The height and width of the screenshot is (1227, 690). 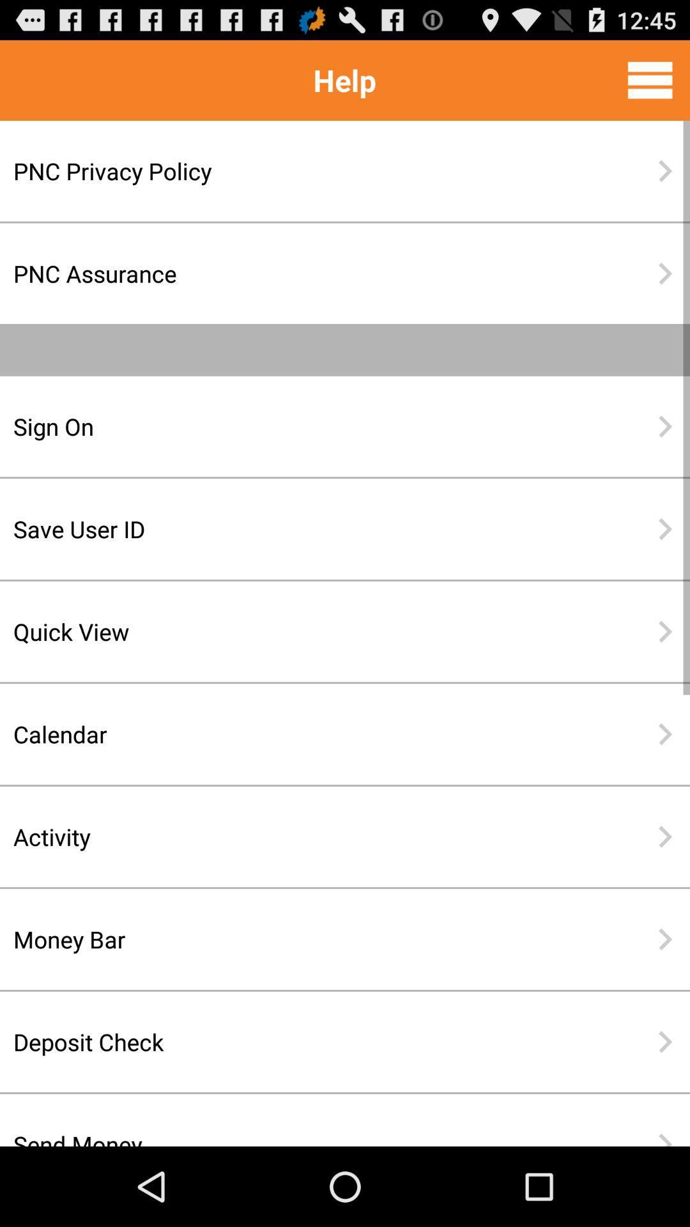 What do you see at coordinates (664, 837) in the screenshot?
I see `icon to the right of activity icon` at bounding box center [664, 837].